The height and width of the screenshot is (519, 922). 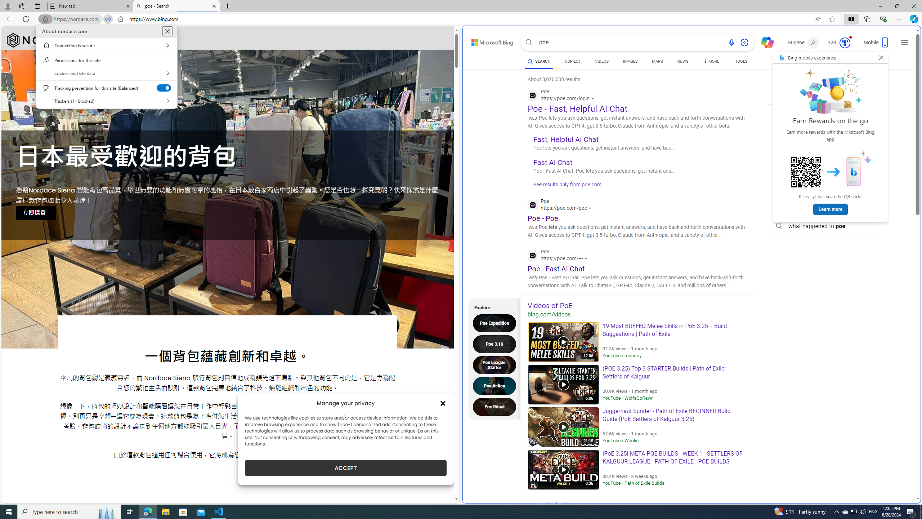 What do you see at coordinates (630, 61) in the screenshot?
I see `'IMAGES'` at bounding box center [630, 61].